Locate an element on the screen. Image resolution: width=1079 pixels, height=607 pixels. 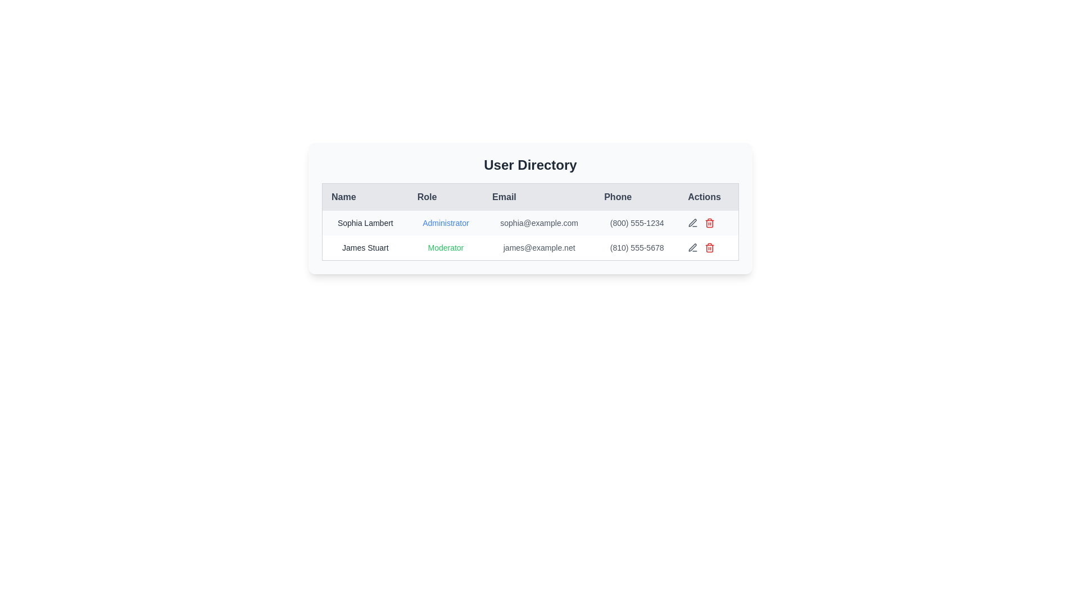
the static text element displaying the phone number '(800) 555-1234' in light gray text, located in the 'Phone' column of the user directory interface is located at coordinates (637, 223).